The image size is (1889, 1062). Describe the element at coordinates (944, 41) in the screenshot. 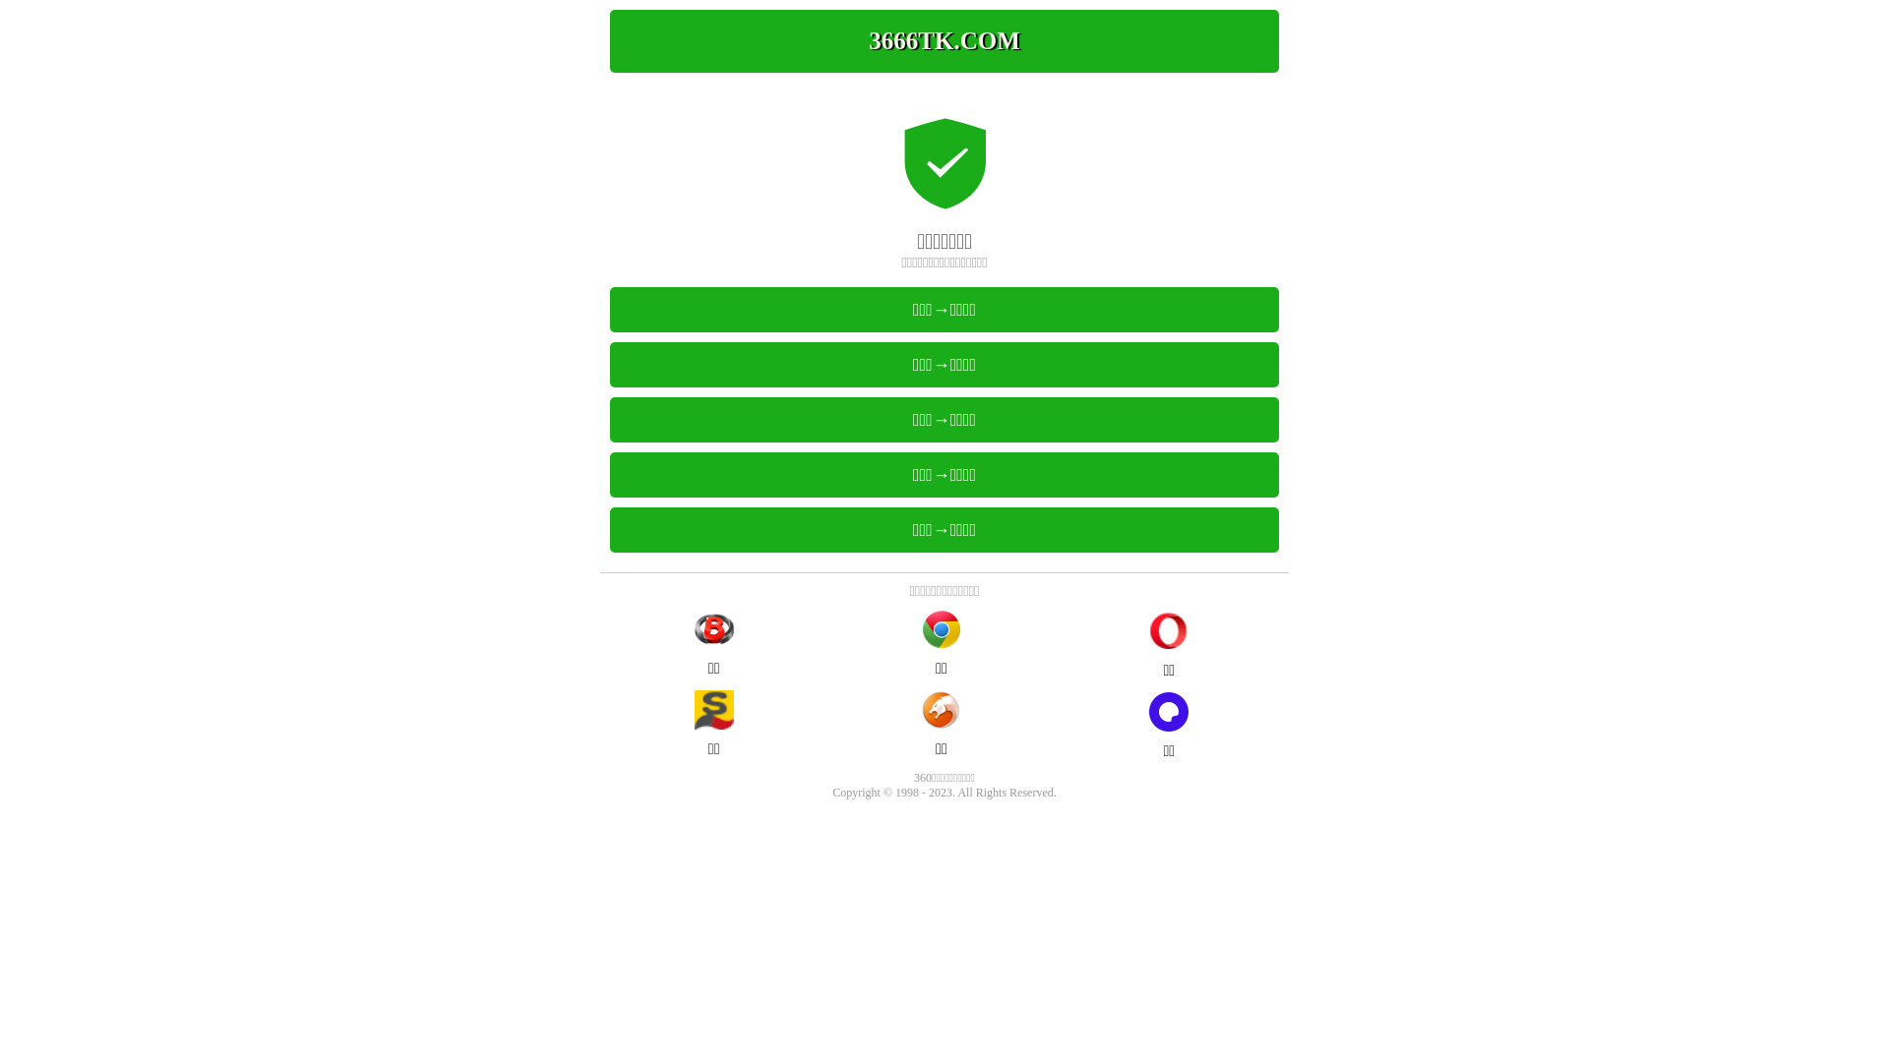

I see `'3666TK.COM'` at that location.